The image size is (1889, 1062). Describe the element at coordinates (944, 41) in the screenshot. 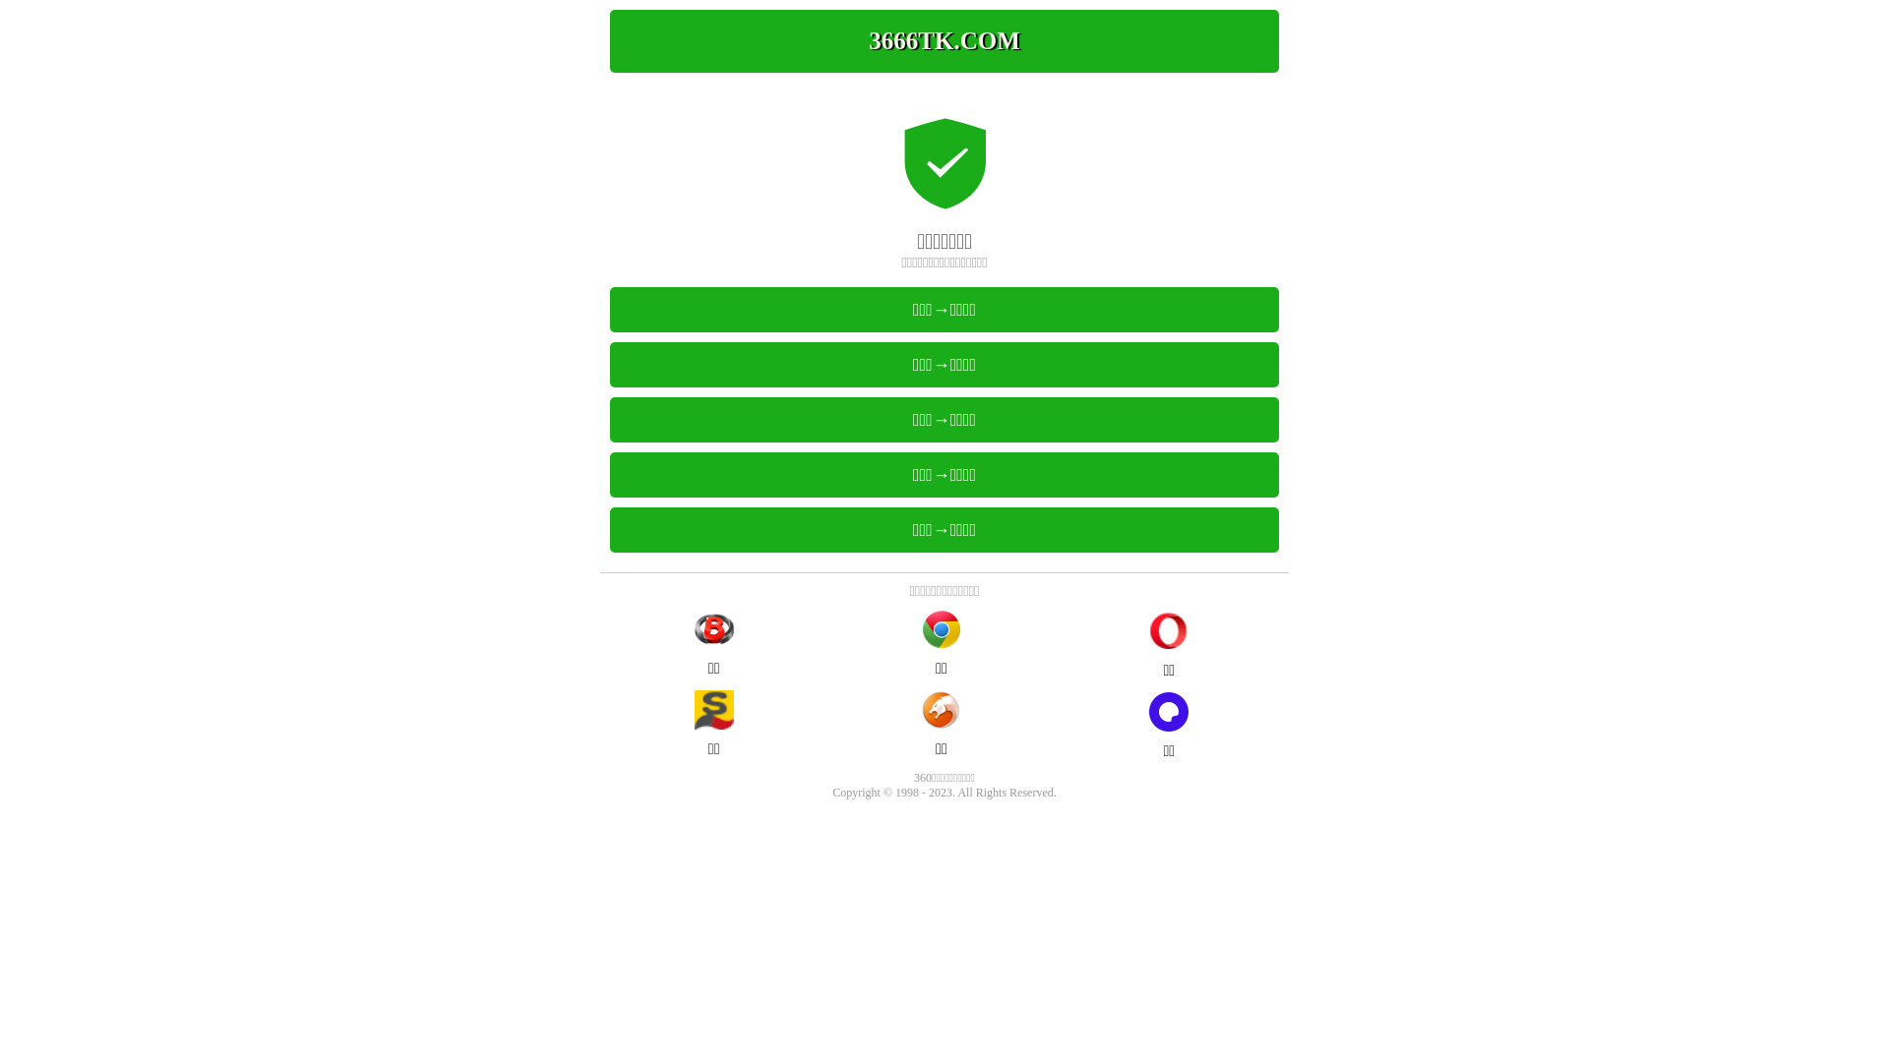

I see `'3666TK.COM'` at that location.